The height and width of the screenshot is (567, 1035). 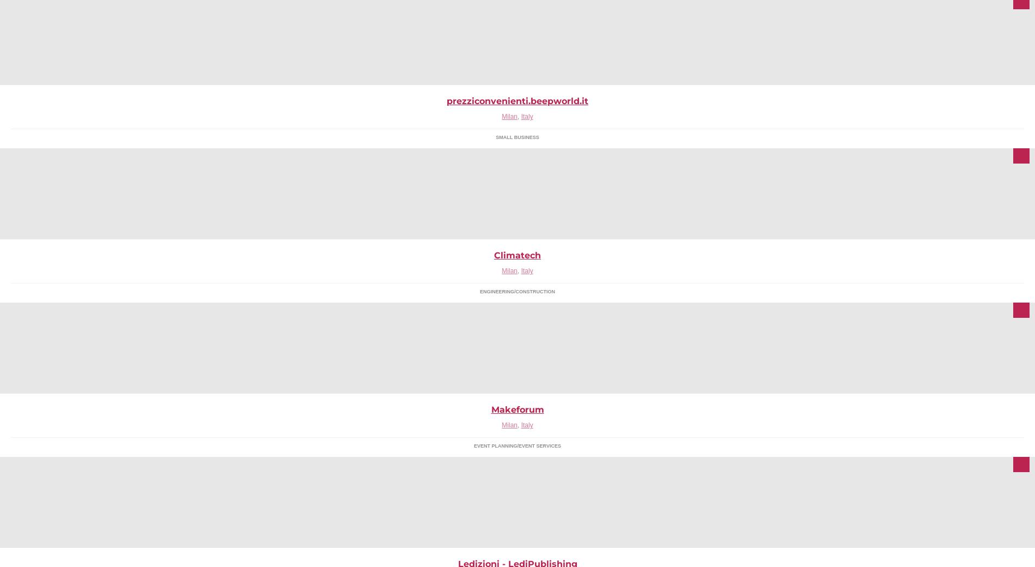 What do you see at coordinates (517, 101) in the screenshot?
I see `'prezziconvenienti.beepworld.it'` at bounding box center [517, 101].